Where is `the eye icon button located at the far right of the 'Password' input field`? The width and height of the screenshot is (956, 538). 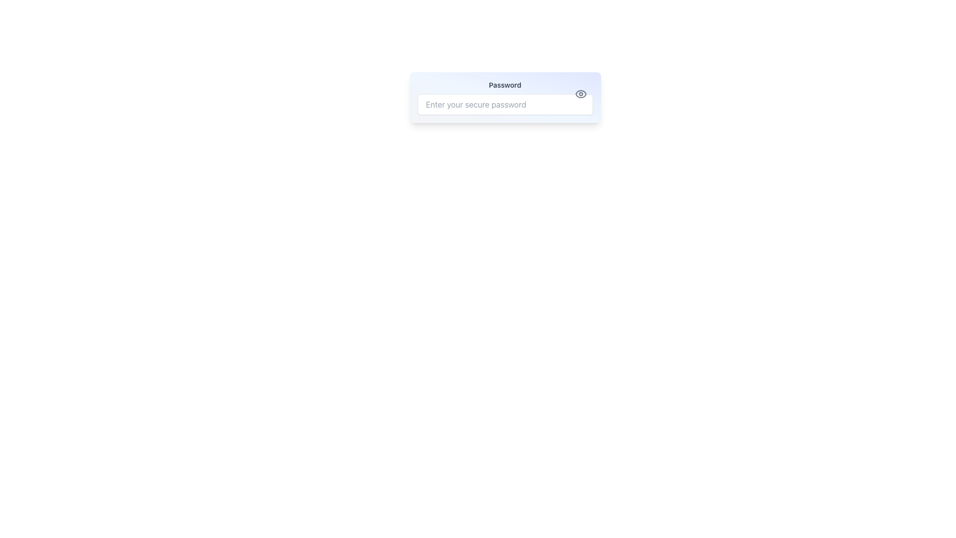 the eye icon button located at the far right of the 'Password' input field is located at coordinates (581, 94).